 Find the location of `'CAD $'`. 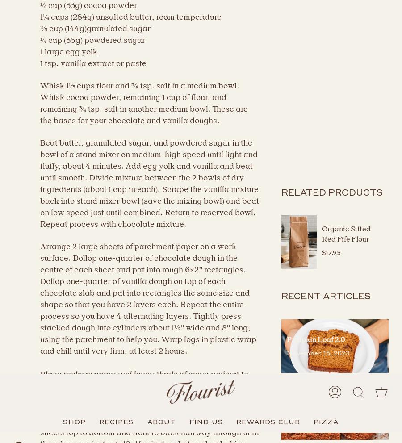

'CAD $' is located at coordinates (27, 410).